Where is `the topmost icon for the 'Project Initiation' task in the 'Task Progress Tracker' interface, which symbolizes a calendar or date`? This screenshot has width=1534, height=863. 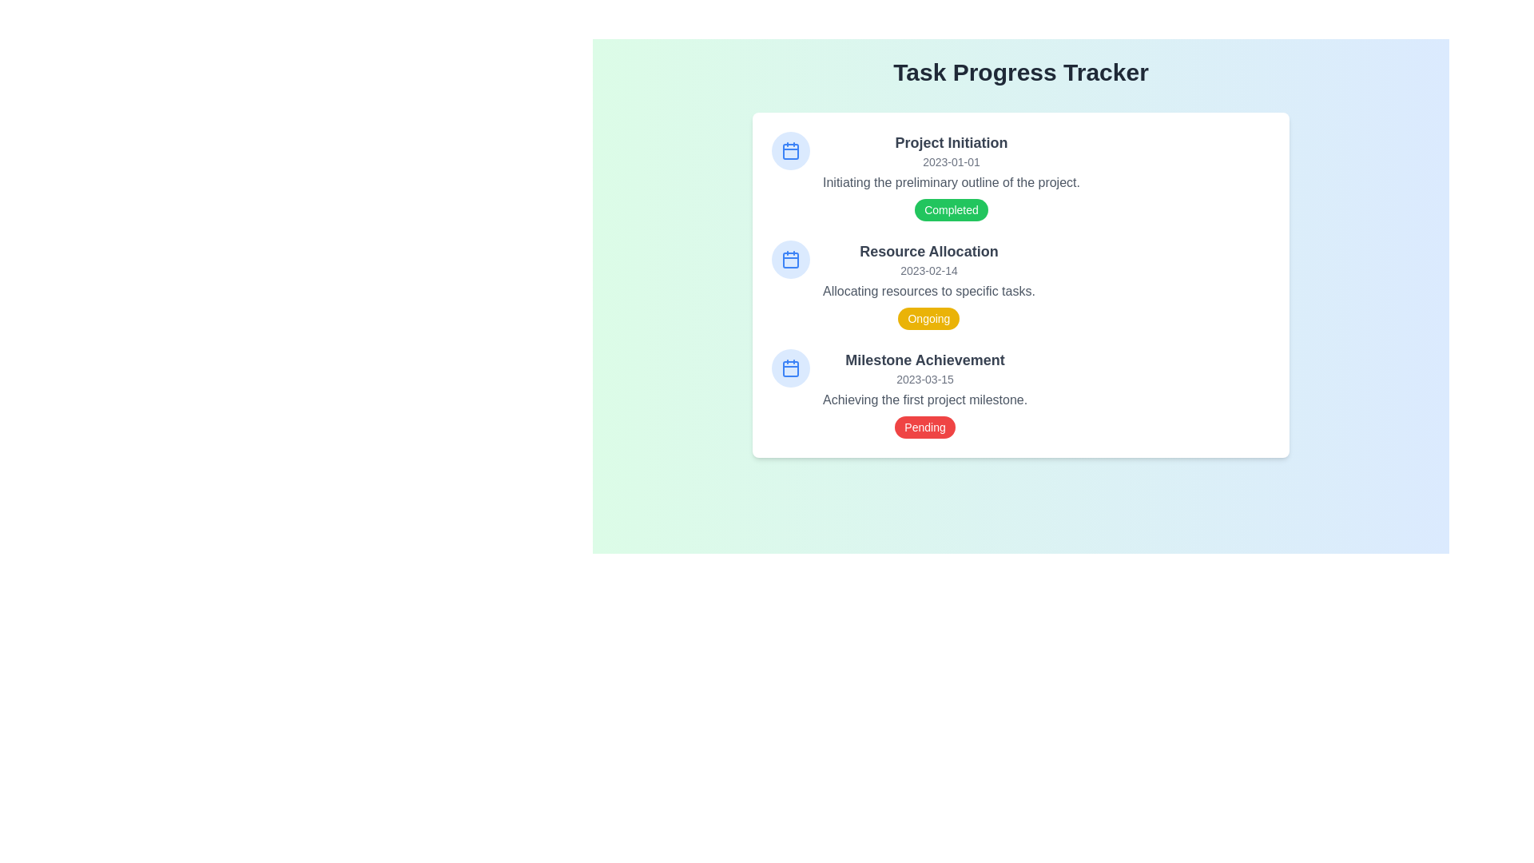 the topmost icon for the 'Project Initiation' task in the 'Task Progress Tracker' interface, which symbolizes a calendar or date is located at coordinates (790, 151).